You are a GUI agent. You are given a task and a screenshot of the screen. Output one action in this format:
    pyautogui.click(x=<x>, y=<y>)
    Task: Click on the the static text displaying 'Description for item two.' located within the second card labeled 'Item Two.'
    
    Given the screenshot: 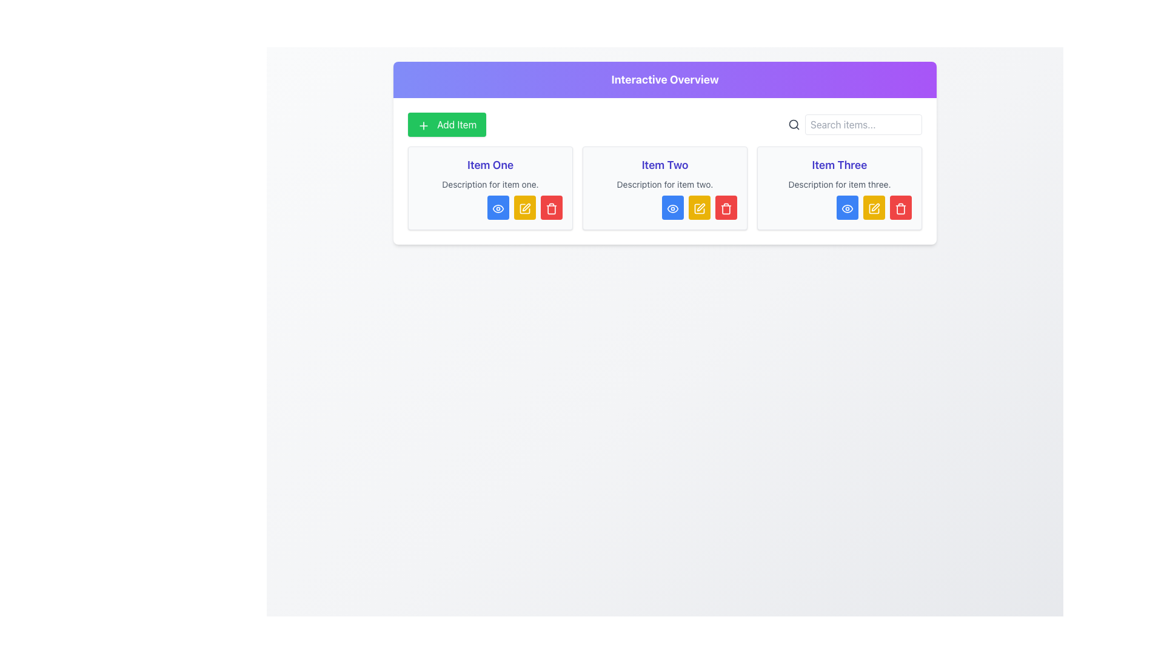 What is the action you would take?
    pyautogui.click(x=664, y=184)
    